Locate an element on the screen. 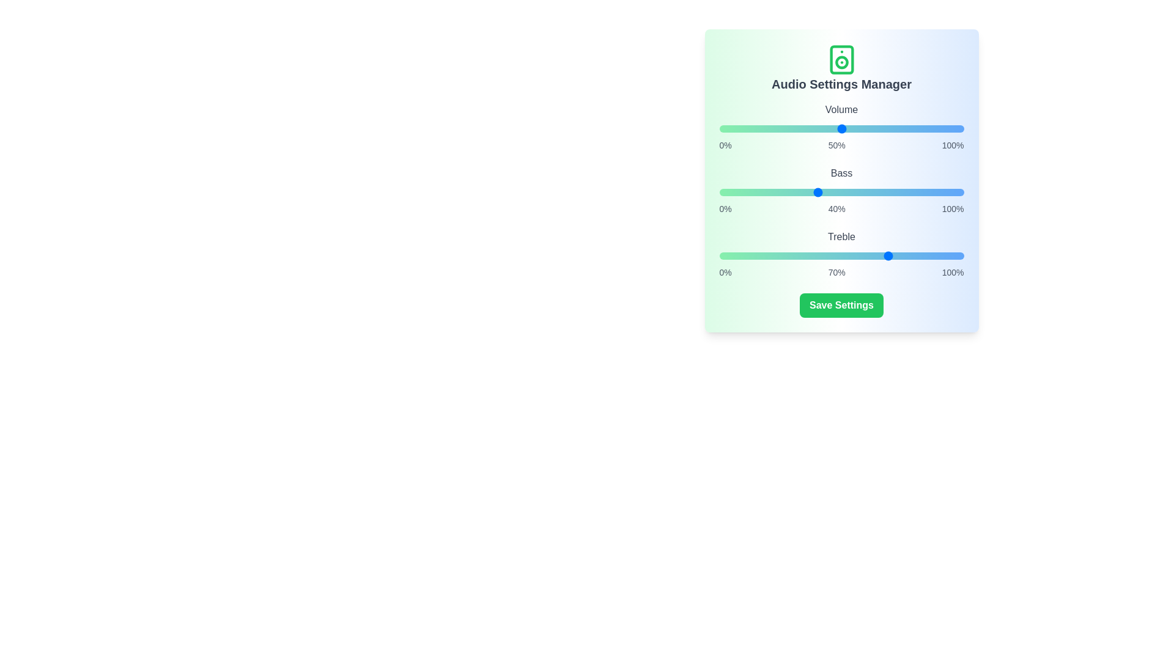 The width and height of the screenshot is (1174, 660). the volume slider to 59% is located at coordinates (863, 129).